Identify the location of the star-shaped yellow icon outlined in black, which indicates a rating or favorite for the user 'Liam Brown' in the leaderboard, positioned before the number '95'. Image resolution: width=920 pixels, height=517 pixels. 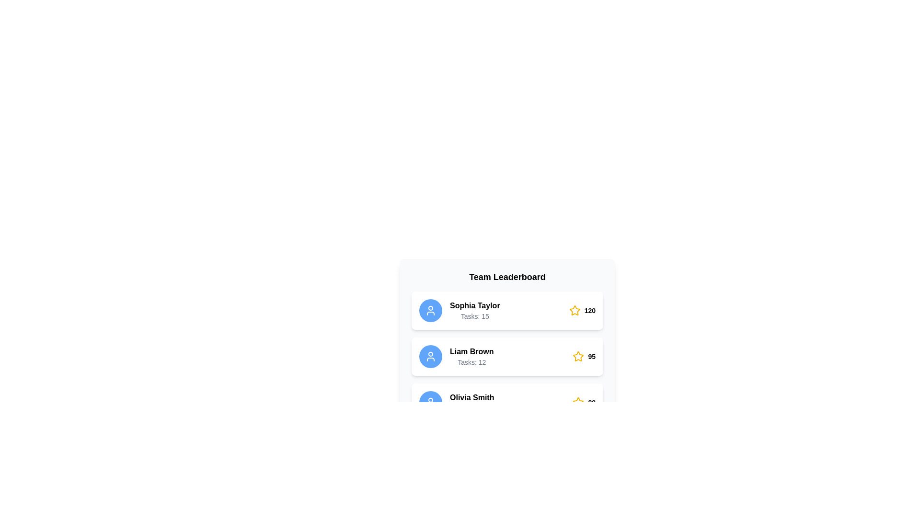
(578, 356).